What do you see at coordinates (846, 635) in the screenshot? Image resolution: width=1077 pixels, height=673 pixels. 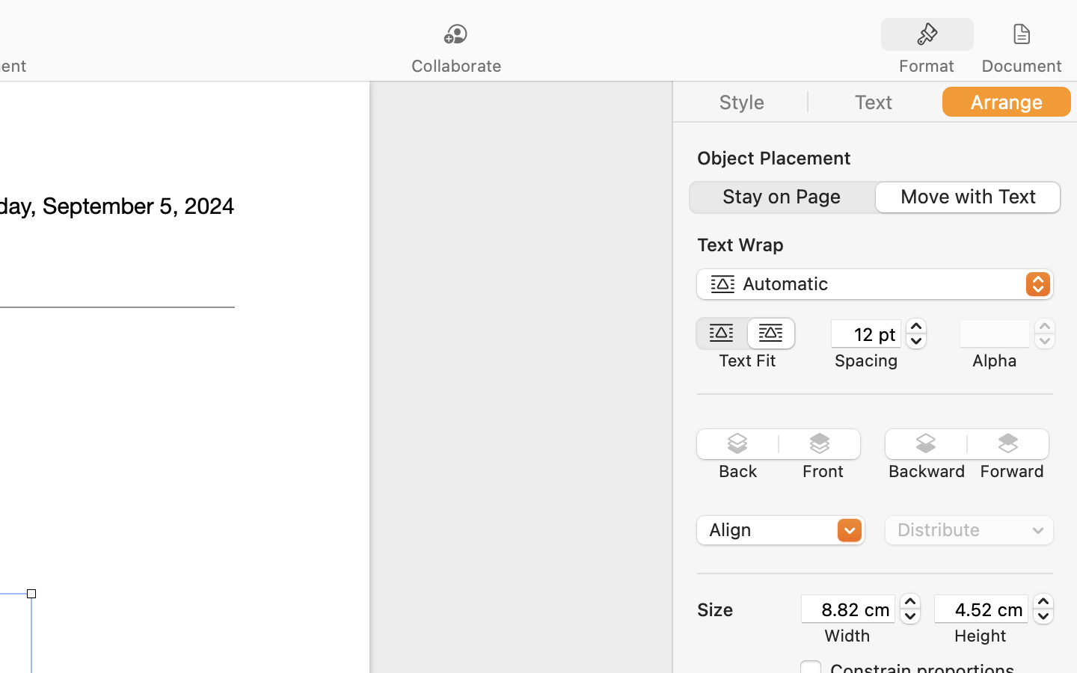 I see `'Width'` at bounding box center [846, 635].